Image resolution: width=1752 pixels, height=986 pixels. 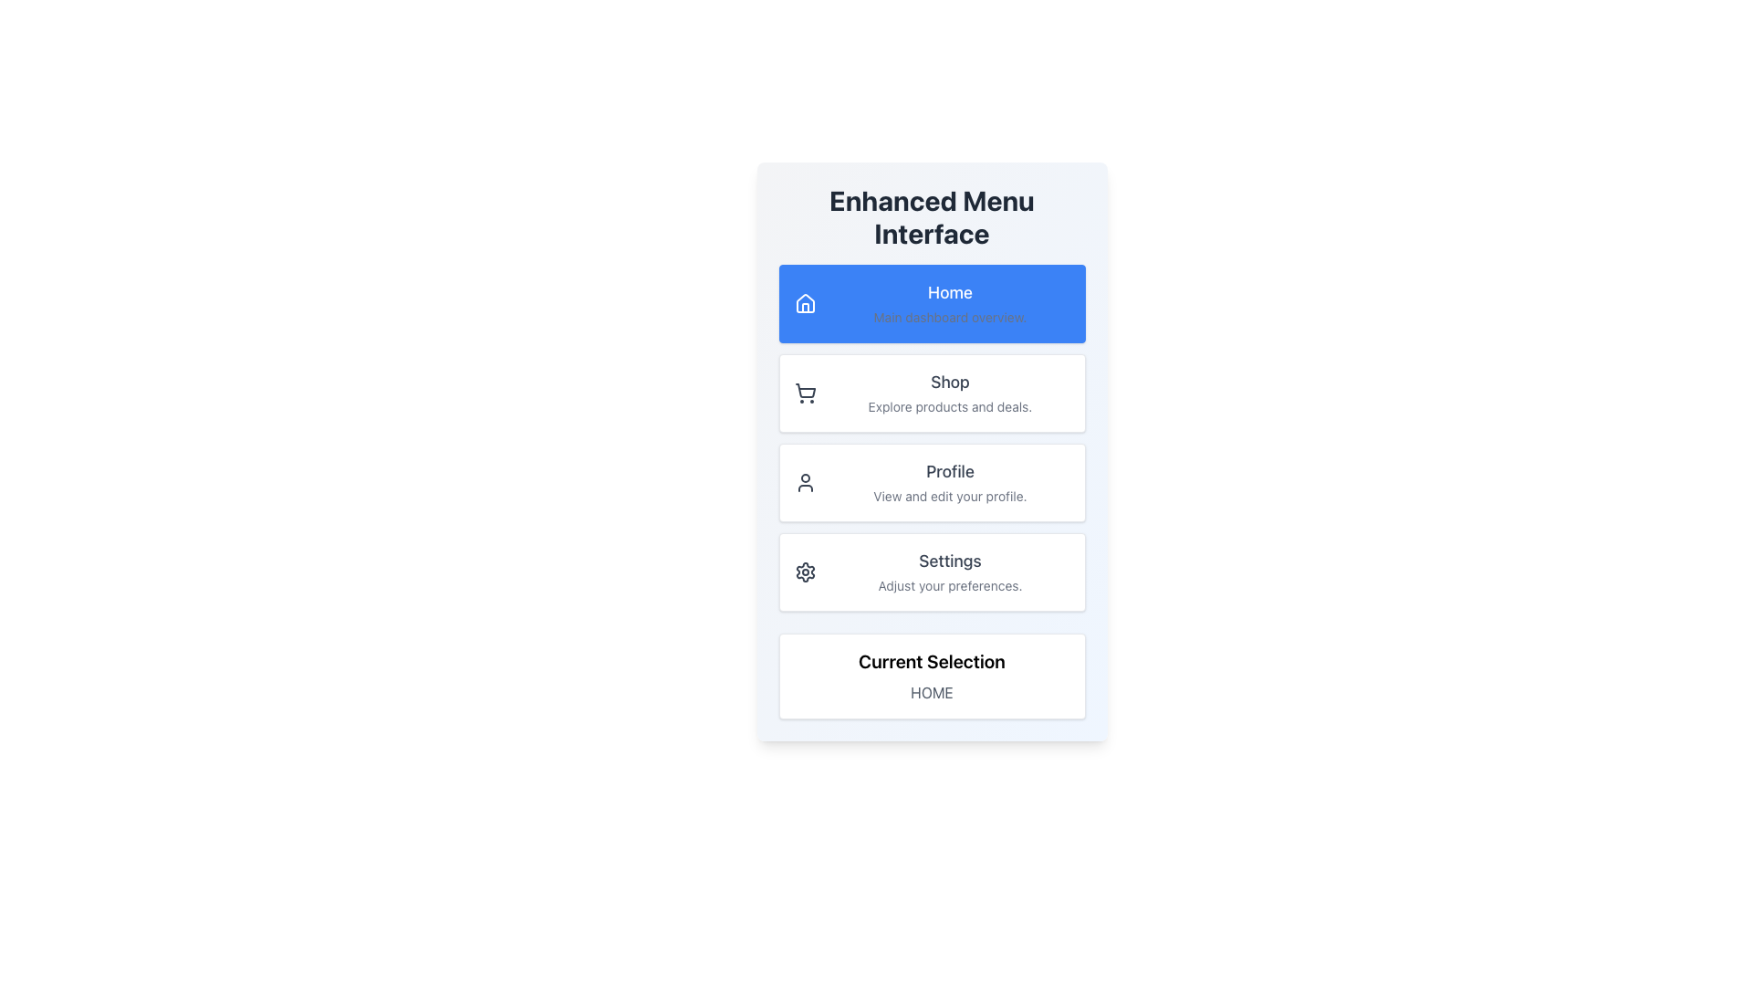 What do you see at coordinates (804, 302) in the screenshot?
I see `the 'Home' icon, which is positioned within the blue button labeled 'Home' on the left side of a vertical list of buttons` at bounding box center [804, 302].